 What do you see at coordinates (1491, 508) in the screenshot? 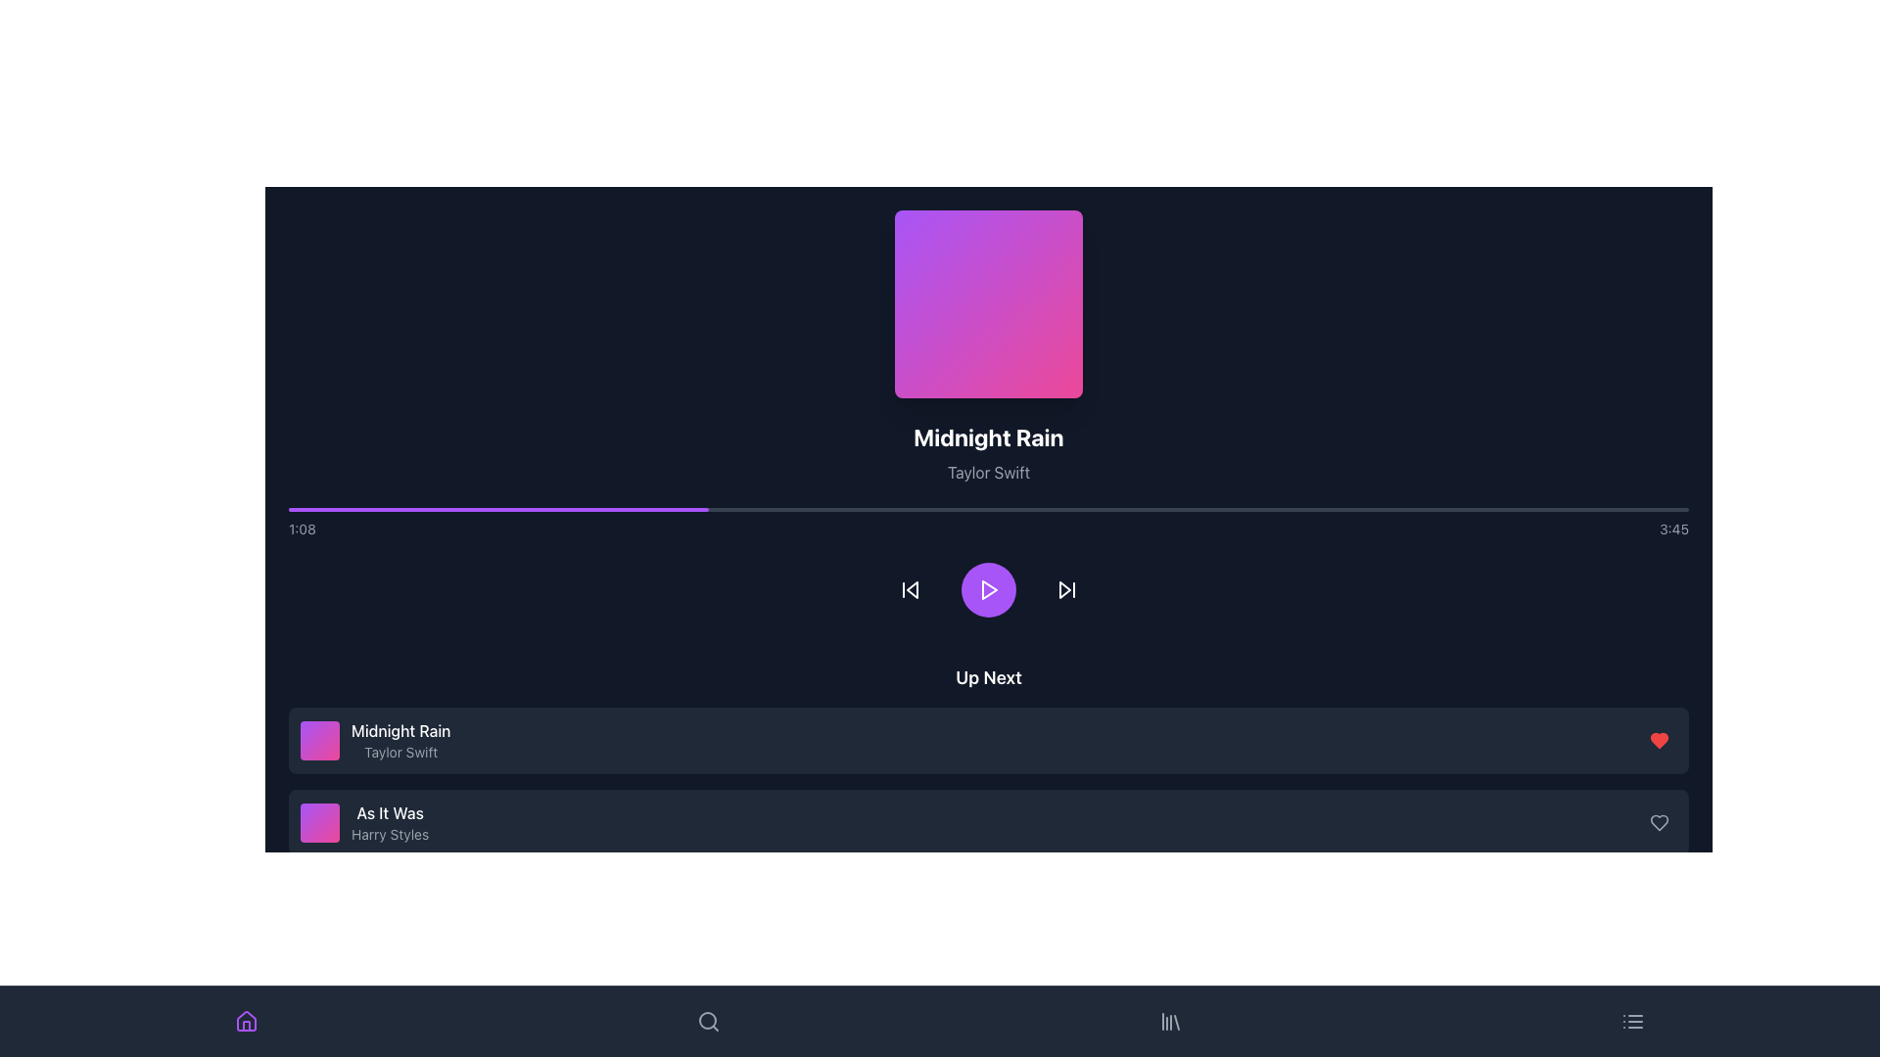
I see `the progress` at bounding box center [1491, 508].